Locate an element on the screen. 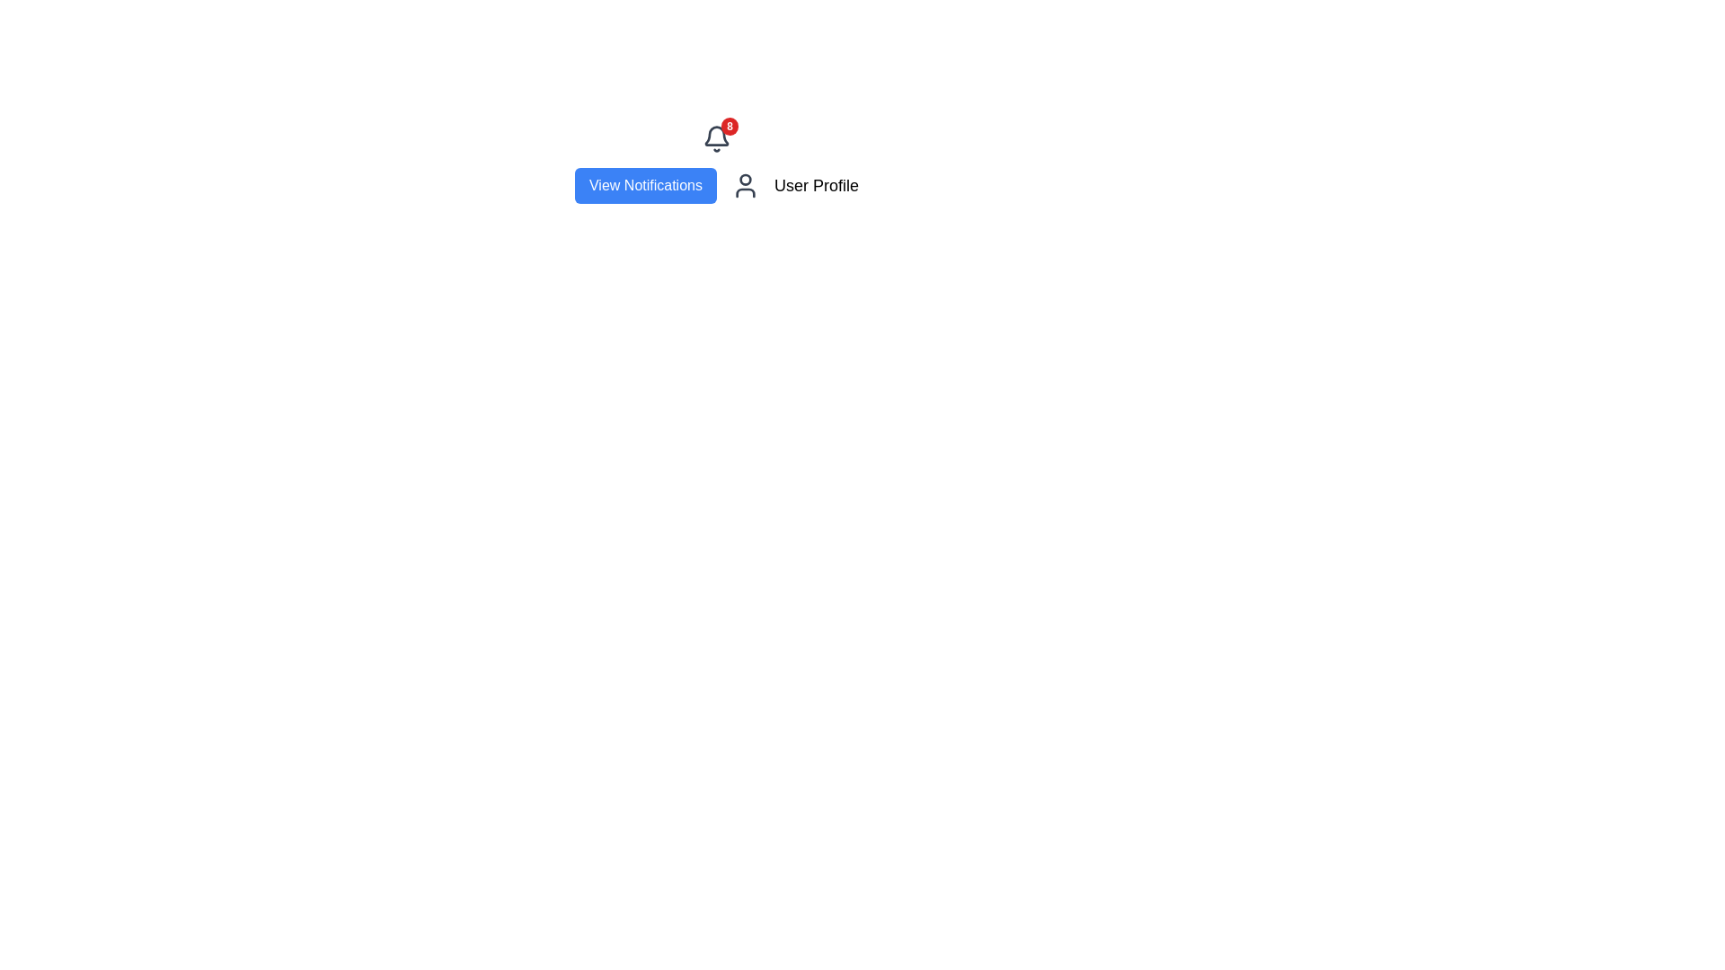 This screenshot has width=1725, height=970. the user profile SVG icon, which is a minimalistic design featuring a circular head and shoulders, positioned between a blue button labeled 'View Notifications' and the label 'User Profile' is located at coordinates (746, 186).